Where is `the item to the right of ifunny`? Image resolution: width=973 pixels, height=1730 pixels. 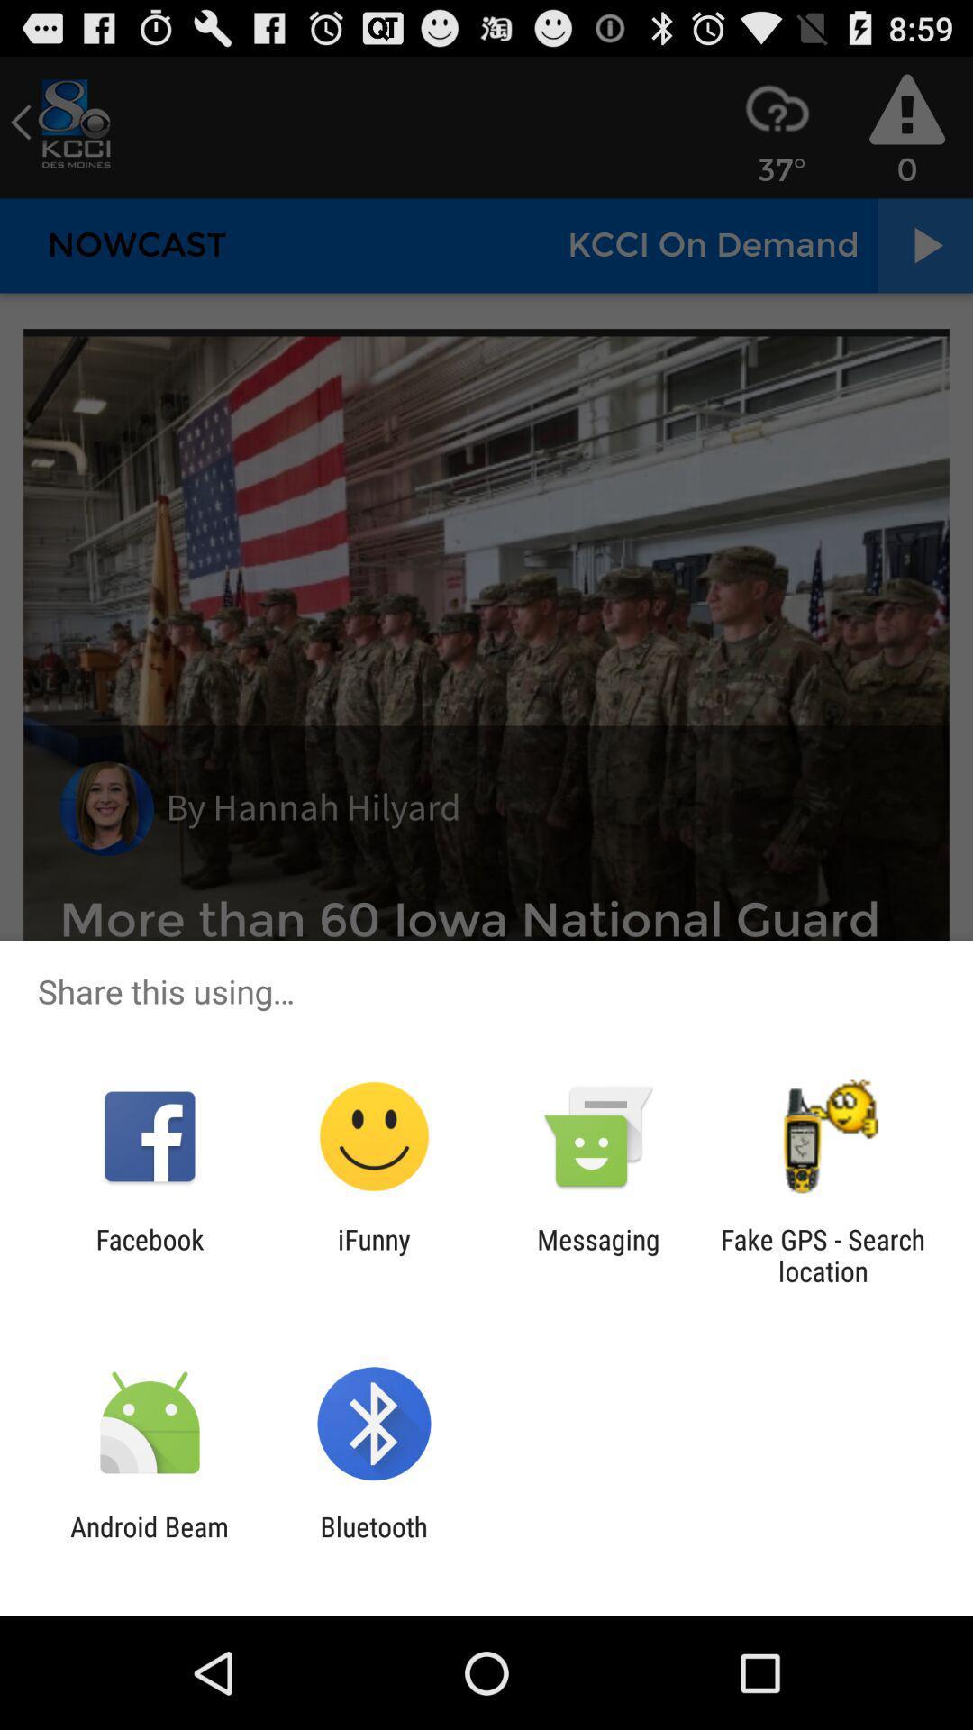
the item to the right of ifunny is located at coordinates (598, 1254).